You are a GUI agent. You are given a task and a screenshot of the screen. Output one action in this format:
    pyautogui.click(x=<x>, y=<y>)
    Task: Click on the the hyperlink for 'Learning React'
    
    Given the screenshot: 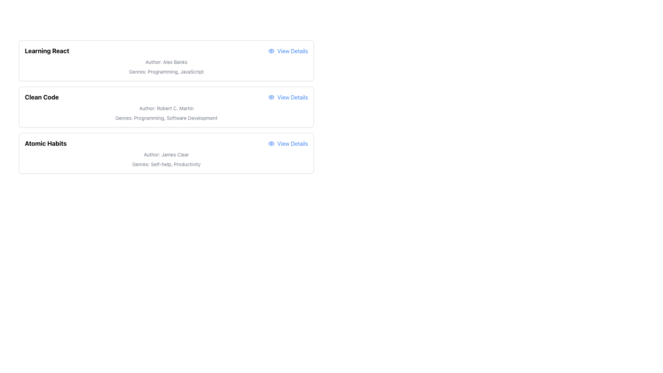 What is the action you would take?
    pyautogui.click(x=288, y=50)
    